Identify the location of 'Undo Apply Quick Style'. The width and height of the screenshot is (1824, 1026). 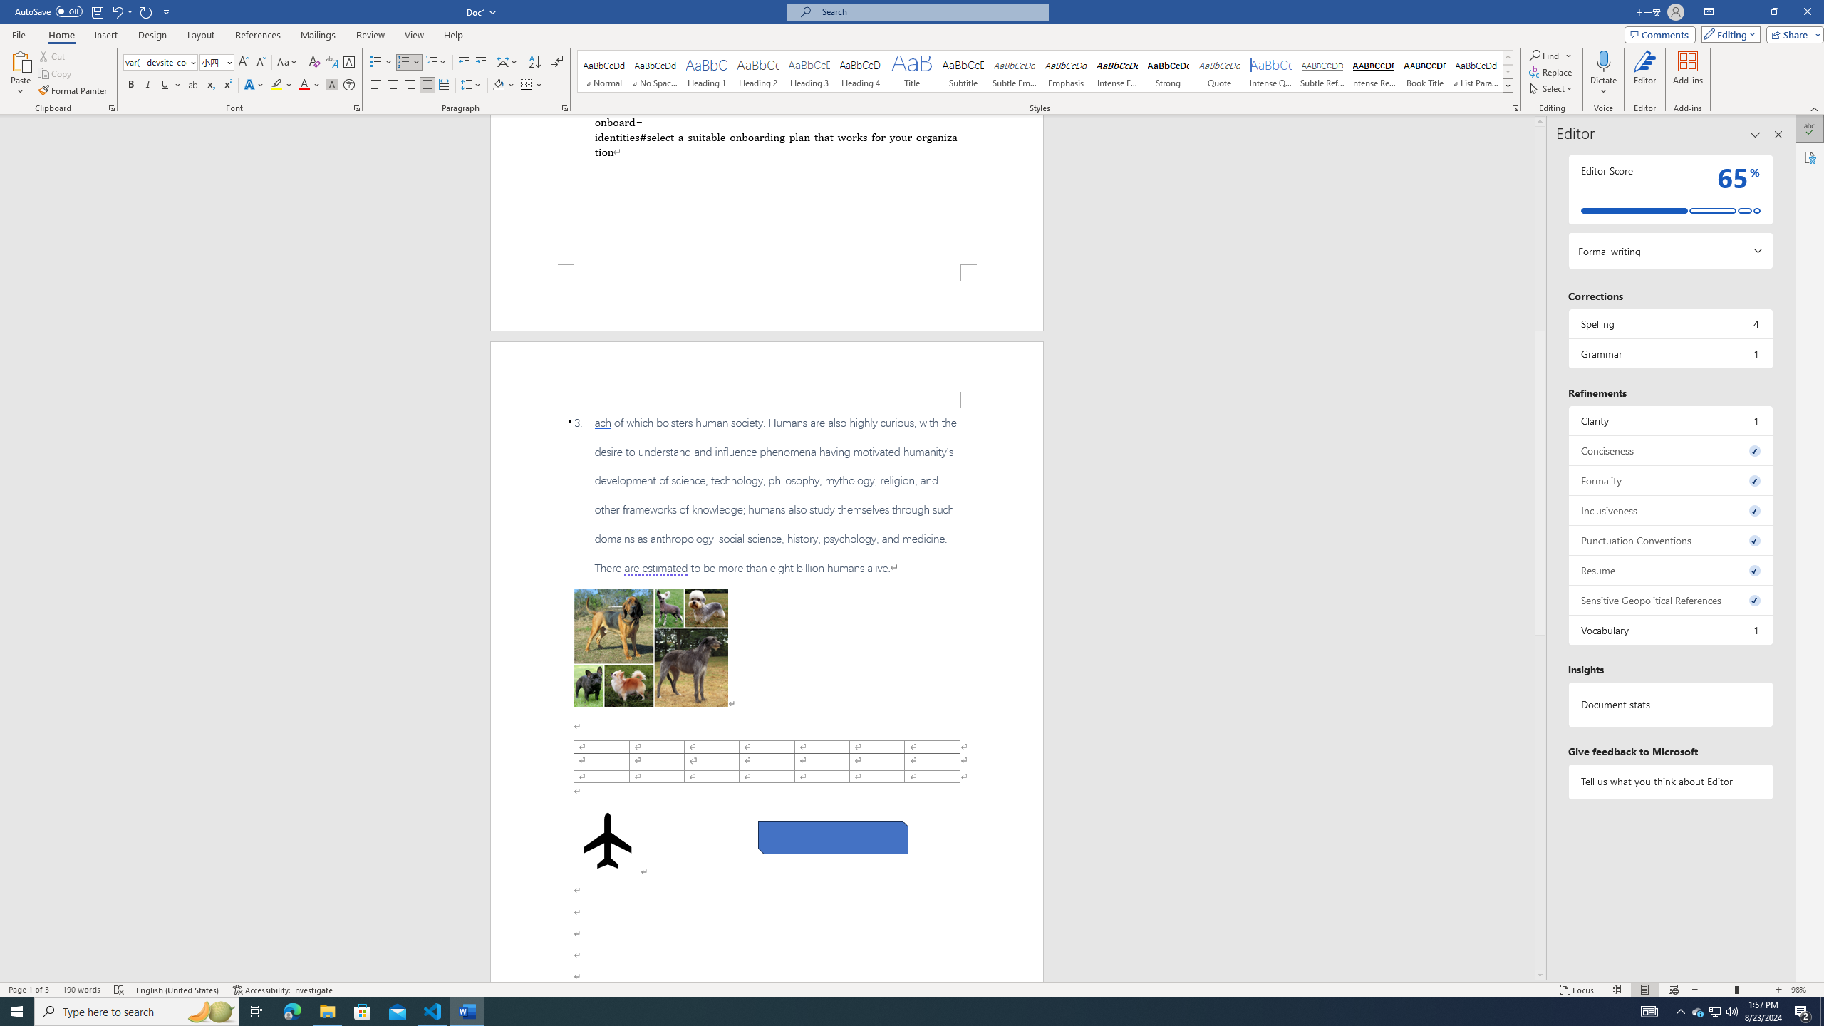
(121, 11).